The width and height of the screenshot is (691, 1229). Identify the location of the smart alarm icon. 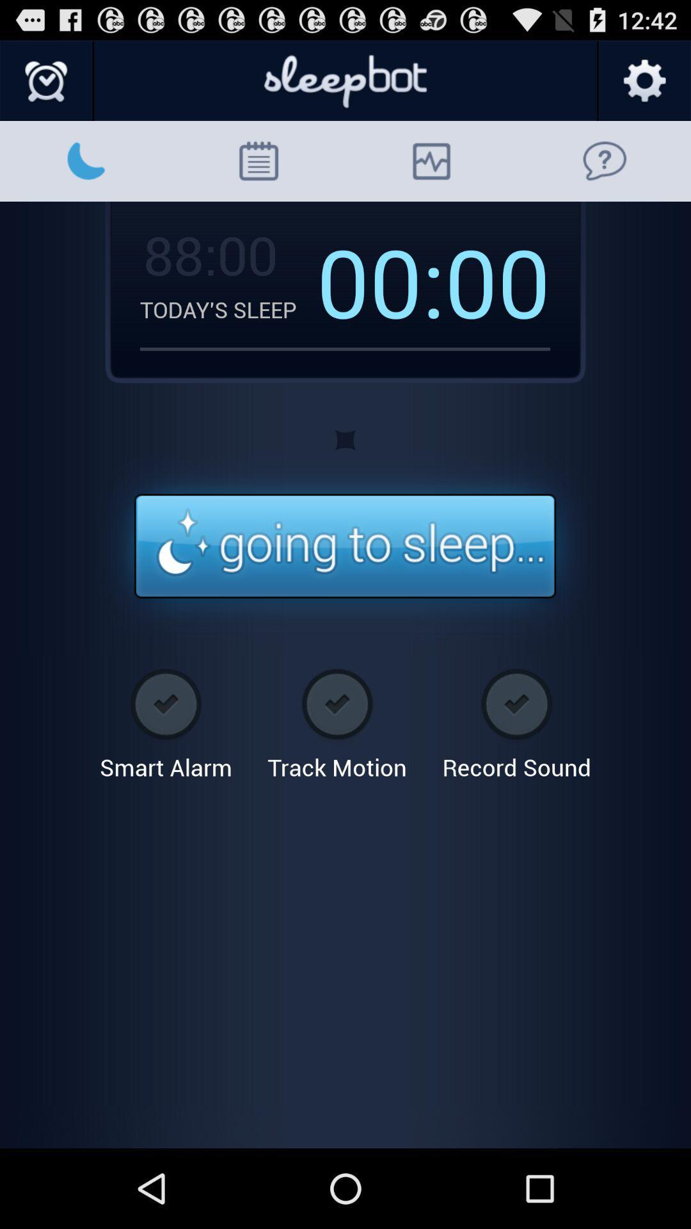
(165, 719).